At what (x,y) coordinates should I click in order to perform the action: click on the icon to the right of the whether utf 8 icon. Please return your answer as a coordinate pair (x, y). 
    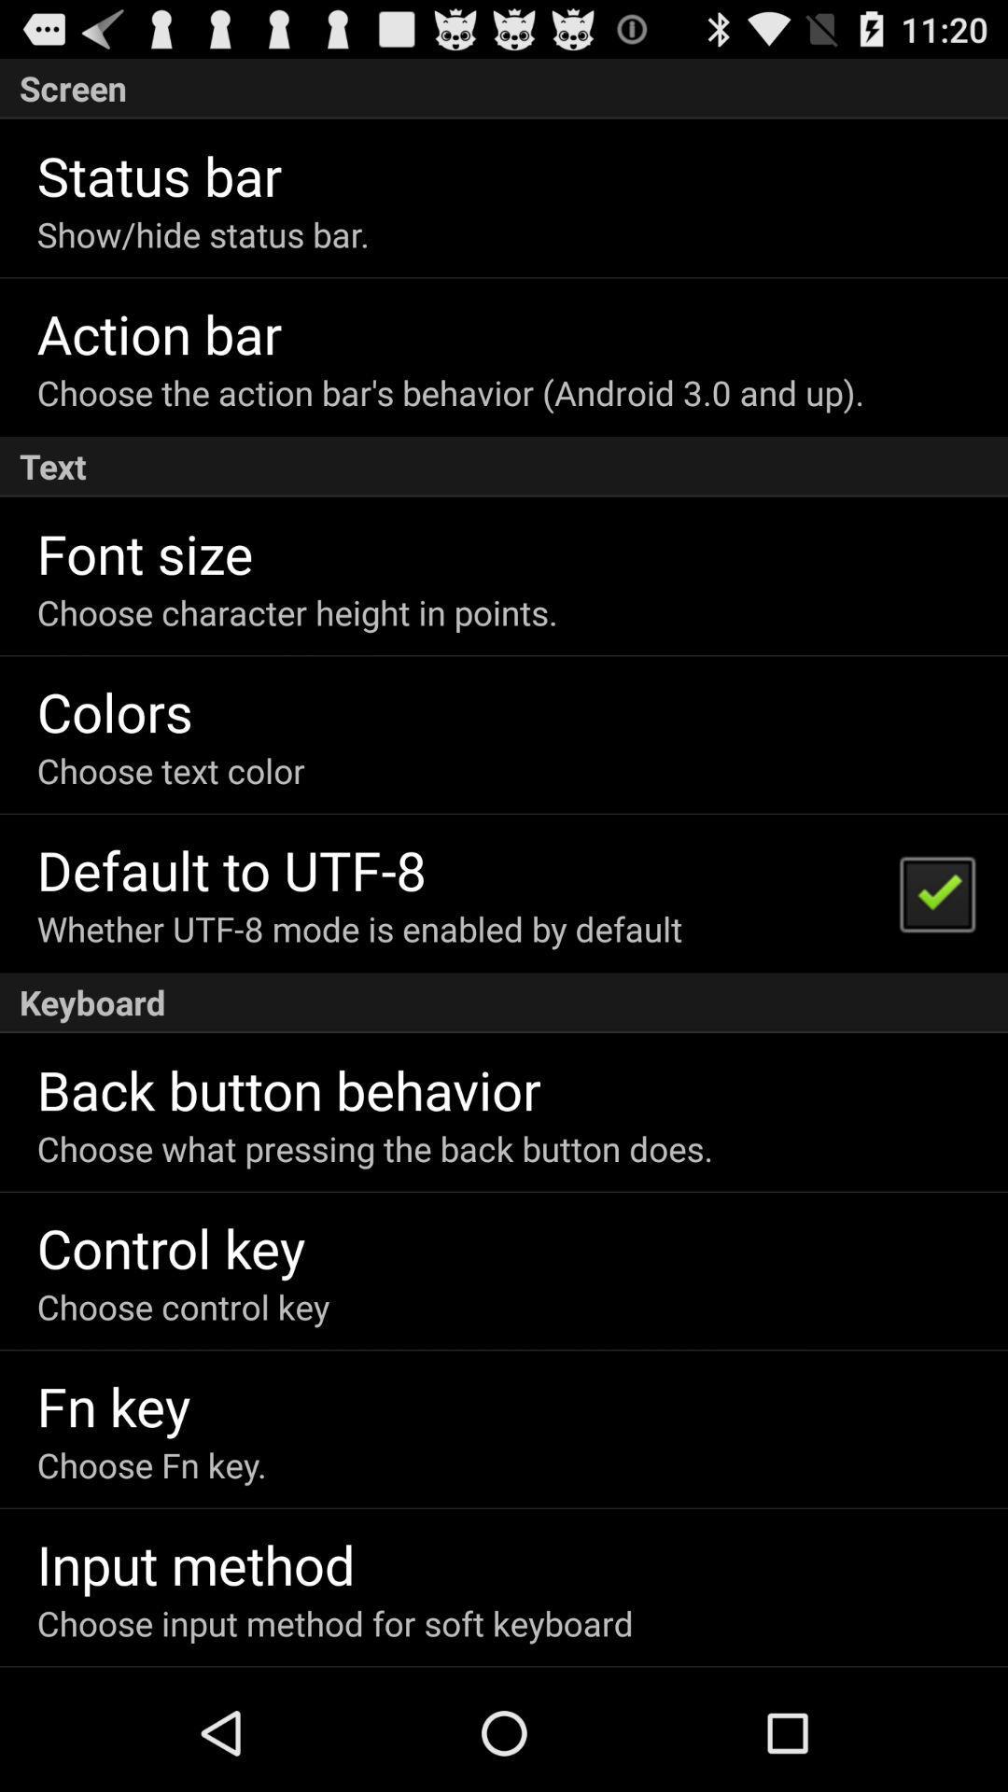
    Looking at the image, I should click on (936, 891).